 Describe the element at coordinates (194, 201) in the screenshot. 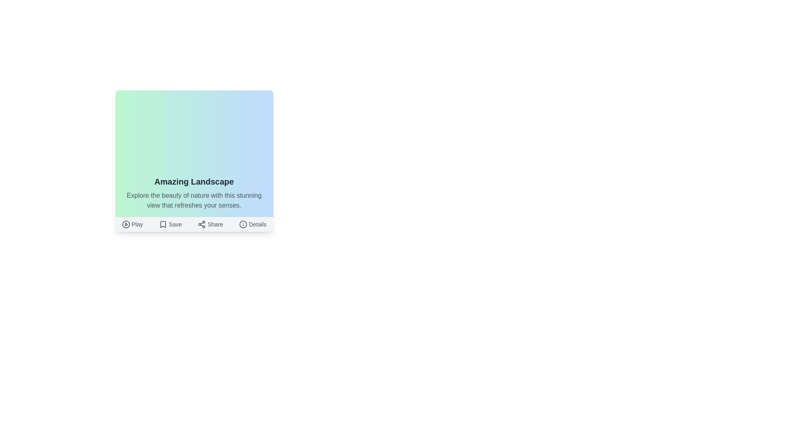

I see `the descriptive text that reads 'Explore the beauty of nature with this stunning view that refreshes your senses.' positioned below the title 'Amazing Landscape'` at that location.